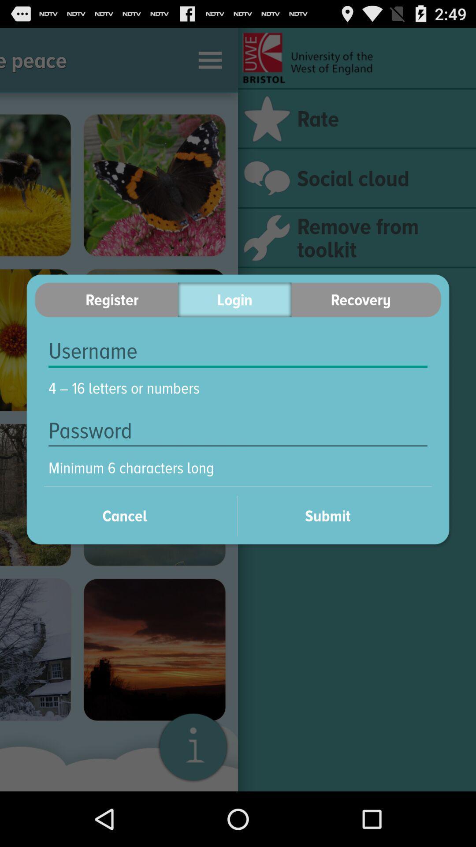  What do you see at coordinates (106, 300) in the screenshot?
I see `register icon` at bounding box center [106, 300].